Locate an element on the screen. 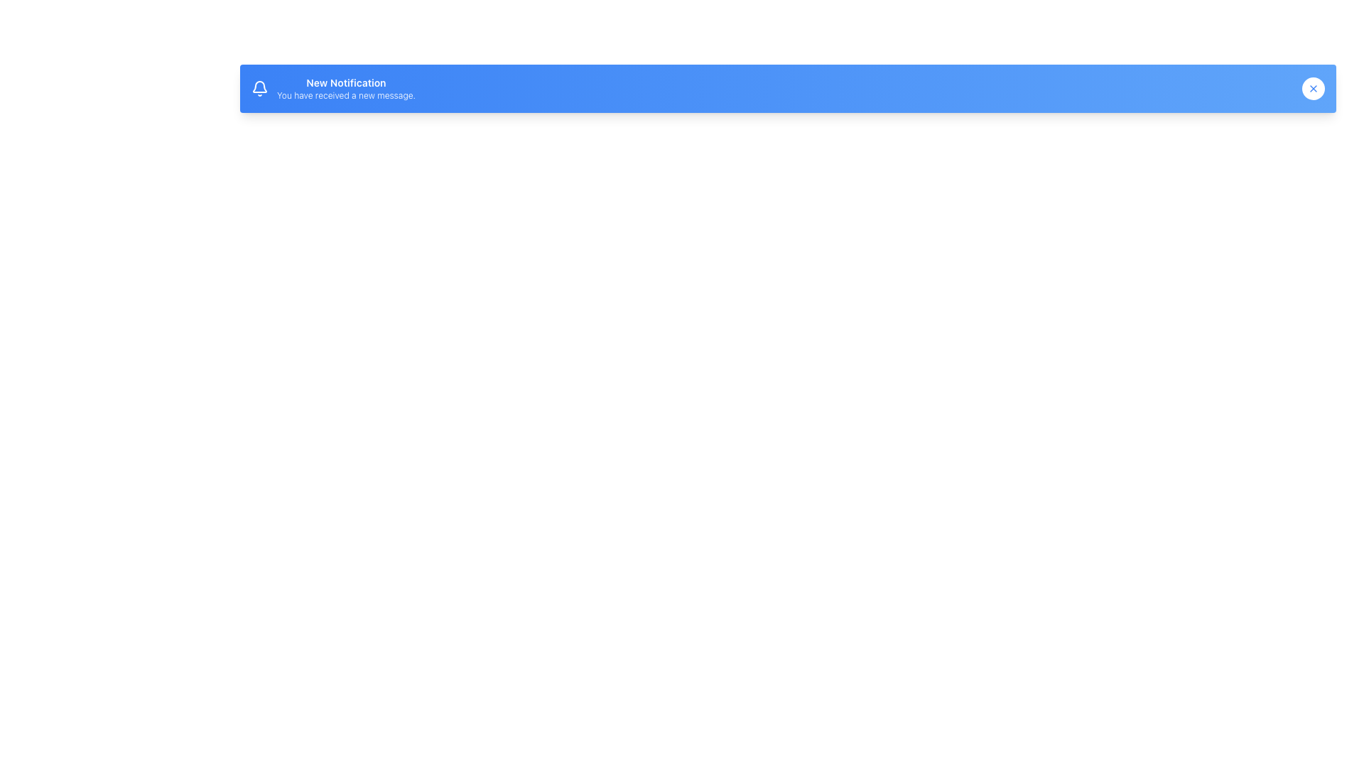  the round button with a white background and blue border, containing a small blue 'X' icon, located at the far right end of the notification bar is located at coordinates (1312, 88).